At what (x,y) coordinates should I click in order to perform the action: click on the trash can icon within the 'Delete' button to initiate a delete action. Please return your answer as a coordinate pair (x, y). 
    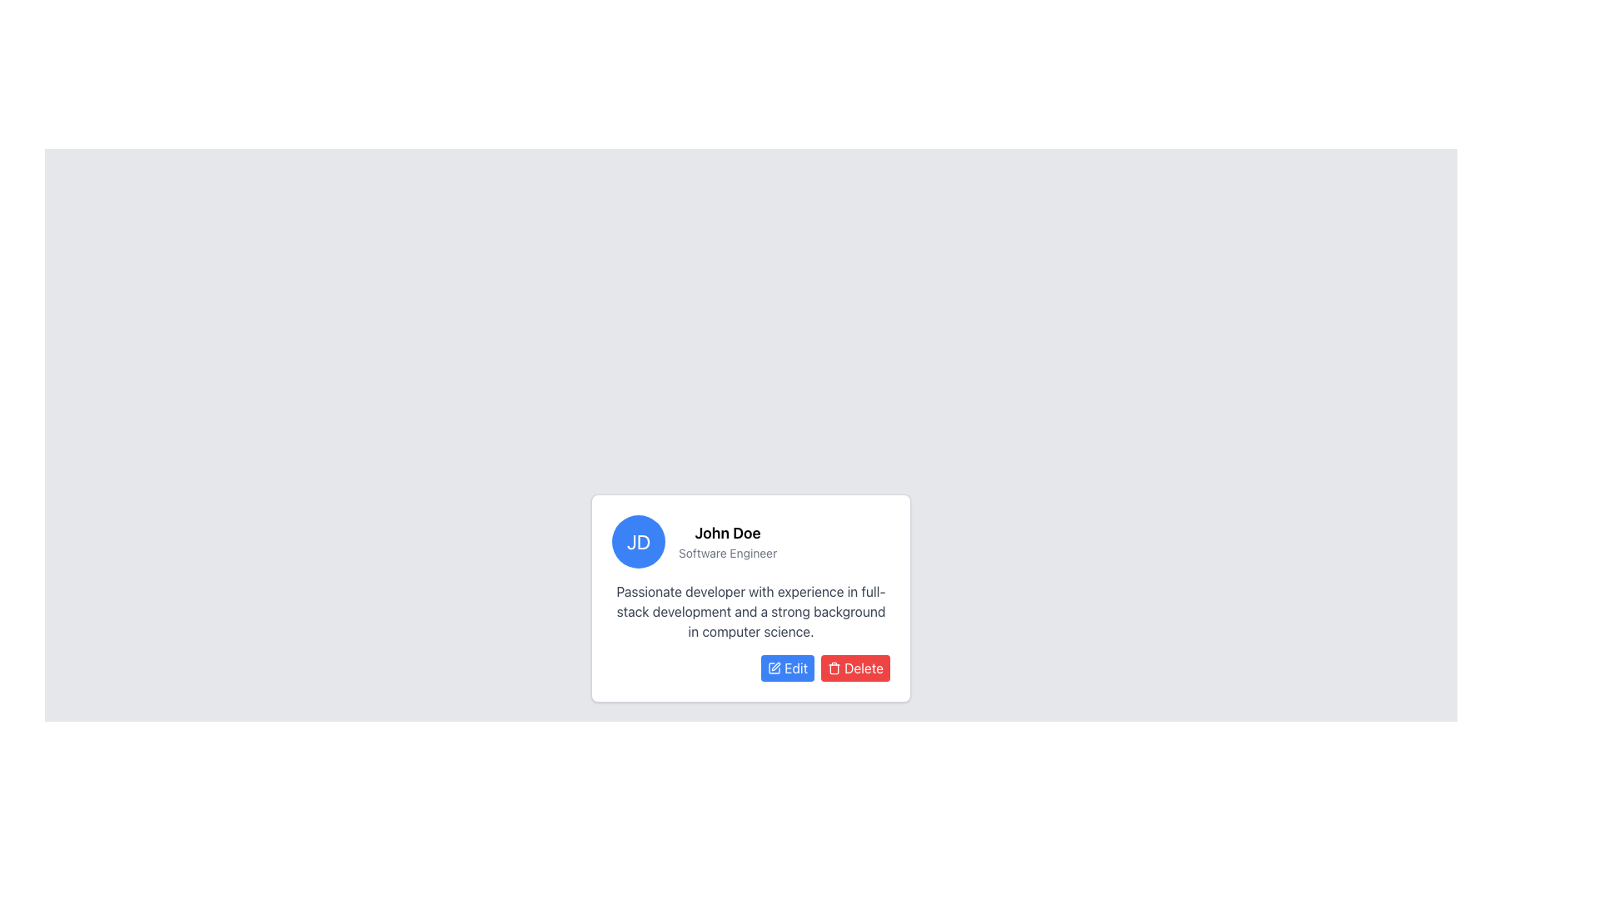
    Looking at the image, I should click on (834, 667).